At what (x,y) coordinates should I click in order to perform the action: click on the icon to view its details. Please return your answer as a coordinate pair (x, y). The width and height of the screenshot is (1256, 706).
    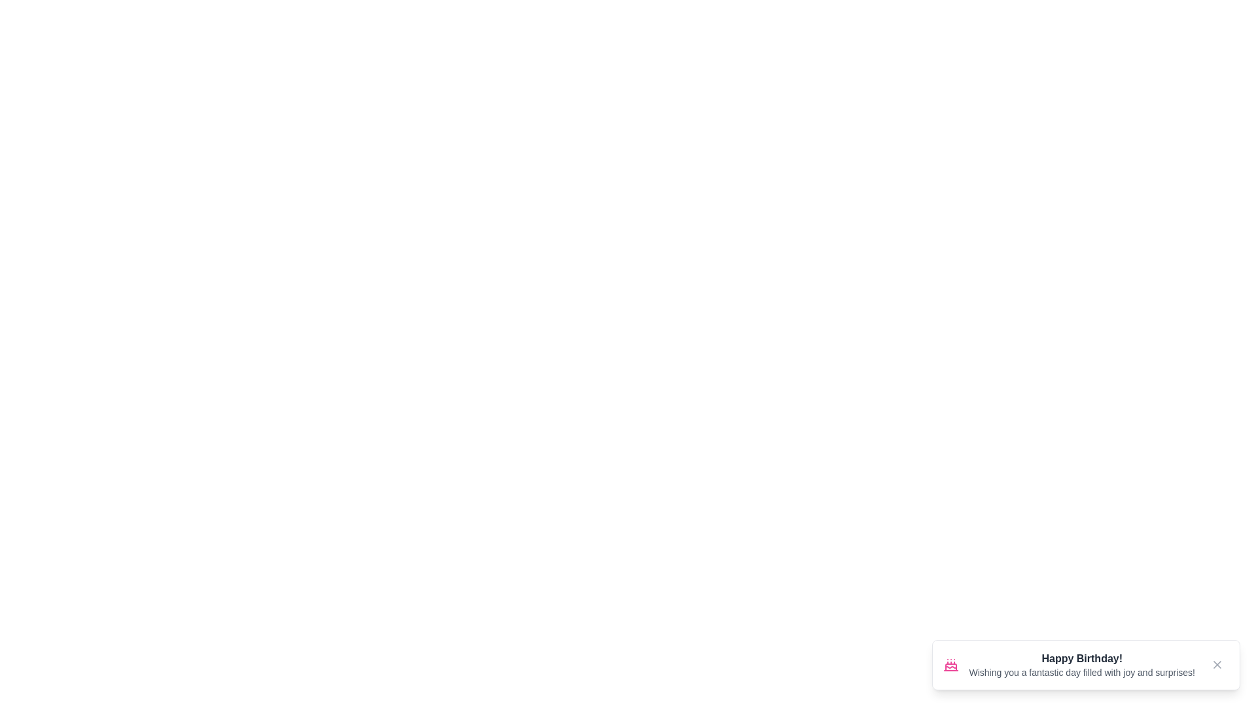
    Looking at the image, I should click on (951, 665).